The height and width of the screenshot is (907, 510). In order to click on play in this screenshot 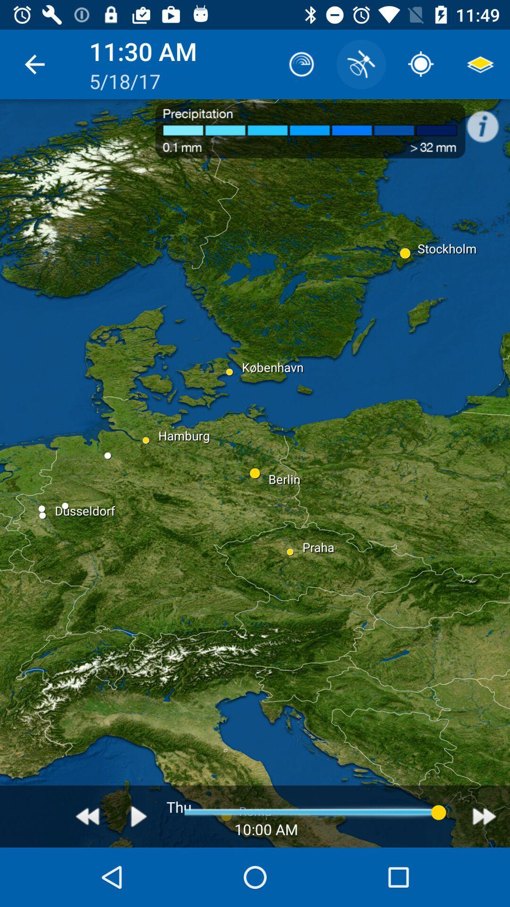, I will do `click(139, 816)`.